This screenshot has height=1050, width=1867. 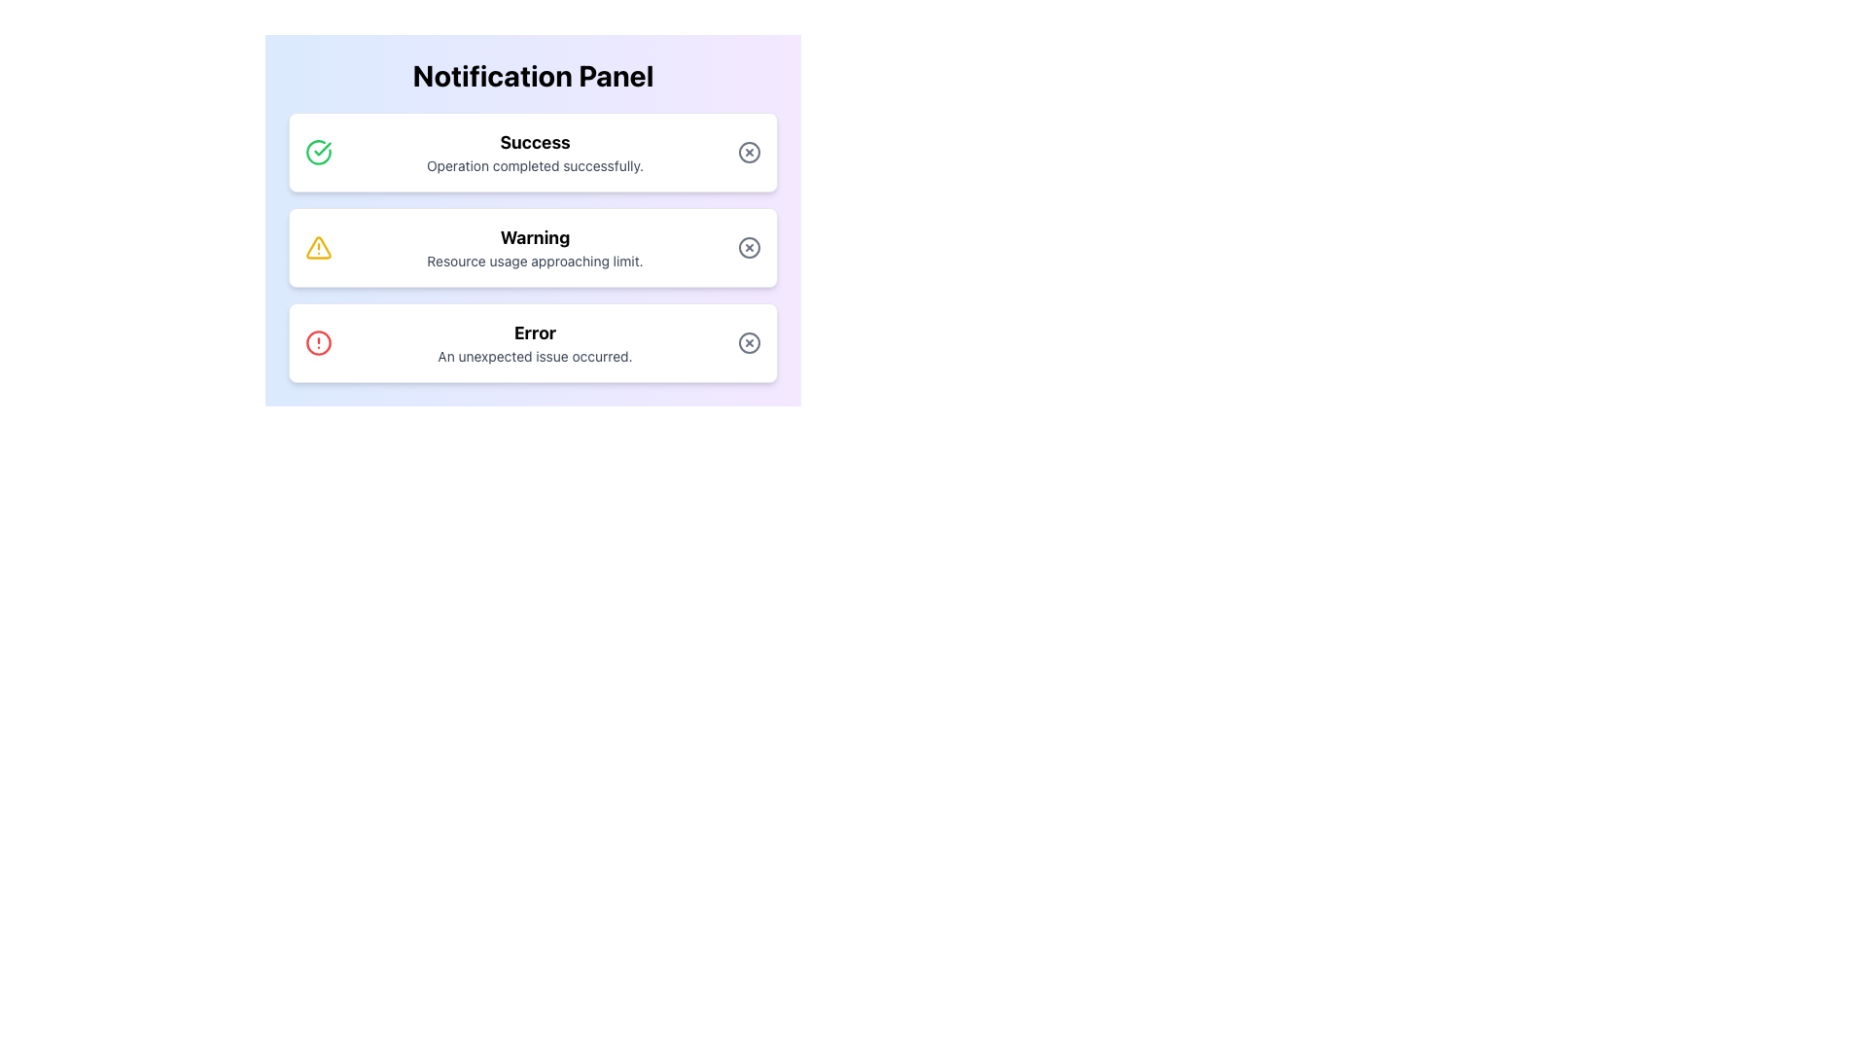 What do you see at coordinates (318, 152) in the screenshot?
I see `the circular green-bordered icon with a check mark at the center, located in the top notification box labeled 'Success', to the left of the title text` at bounding box center [318, 152].